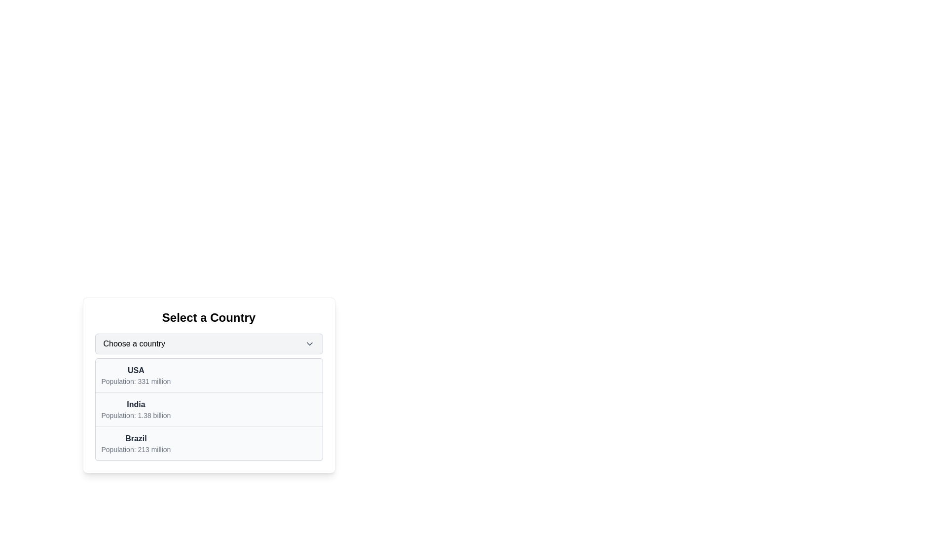 This screenshot has height=533, width=947. What do you see at coordinates (134, 343) in the screenshot?
I see `the text label displaying 'Choose a country', which is styled in a simple sans-serif font and is part of a dropdown-like component with a light gray background` at bounding box center [134, 343].